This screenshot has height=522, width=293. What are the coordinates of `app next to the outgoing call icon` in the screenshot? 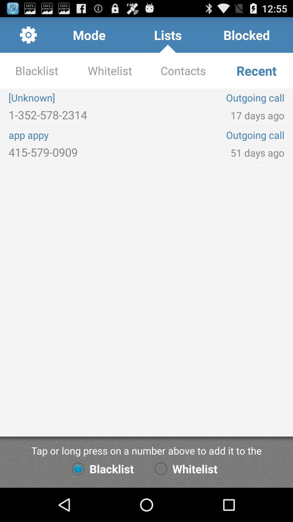 It's located at (77, 135).